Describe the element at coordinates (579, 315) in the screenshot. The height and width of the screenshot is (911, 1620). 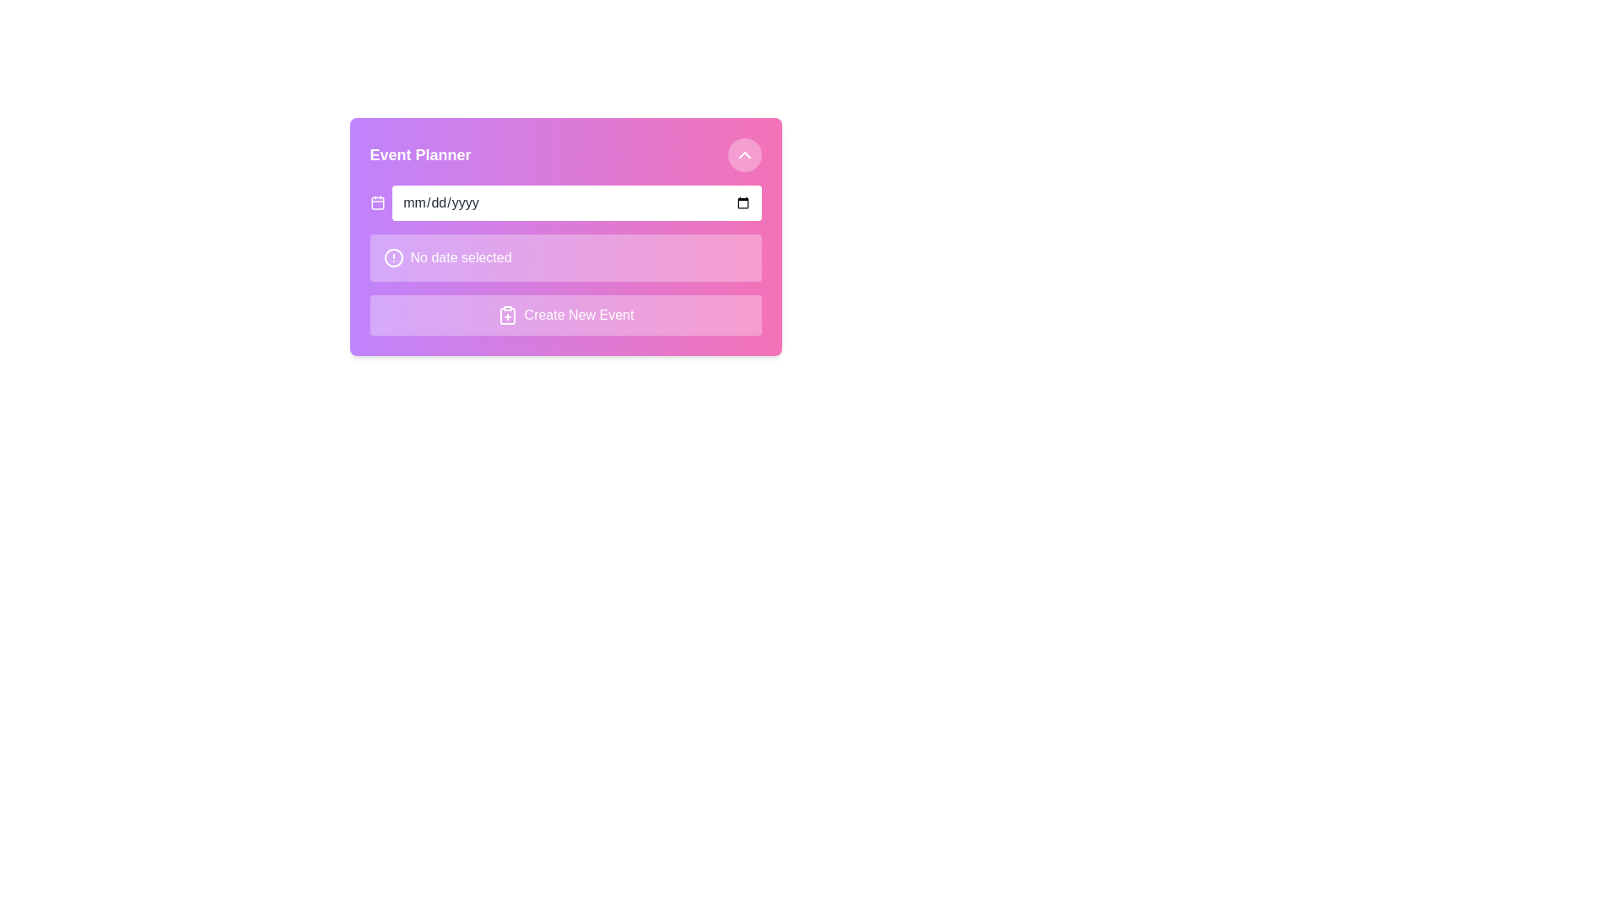
I see `the 'Create New Event' text label, which is styled in white text on a pink and purple gradient background and is part of a button at the bottom of an event creation card` at that location.